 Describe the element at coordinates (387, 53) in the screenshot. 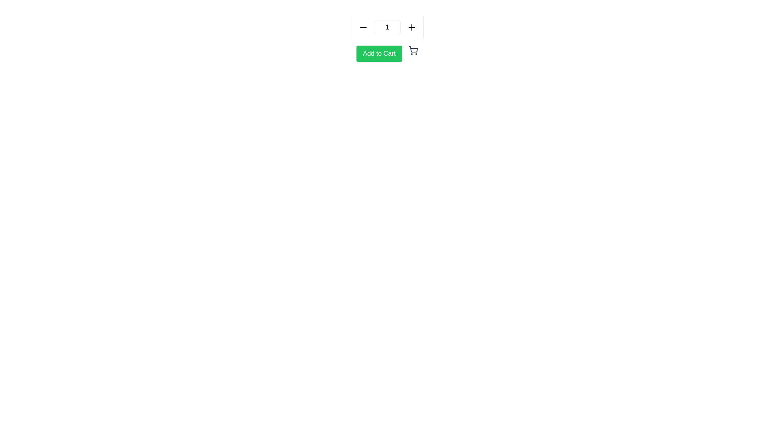

I see `the green 'Add to Cart' button with rounded corners and white text, located below the quantity selector` at that location.